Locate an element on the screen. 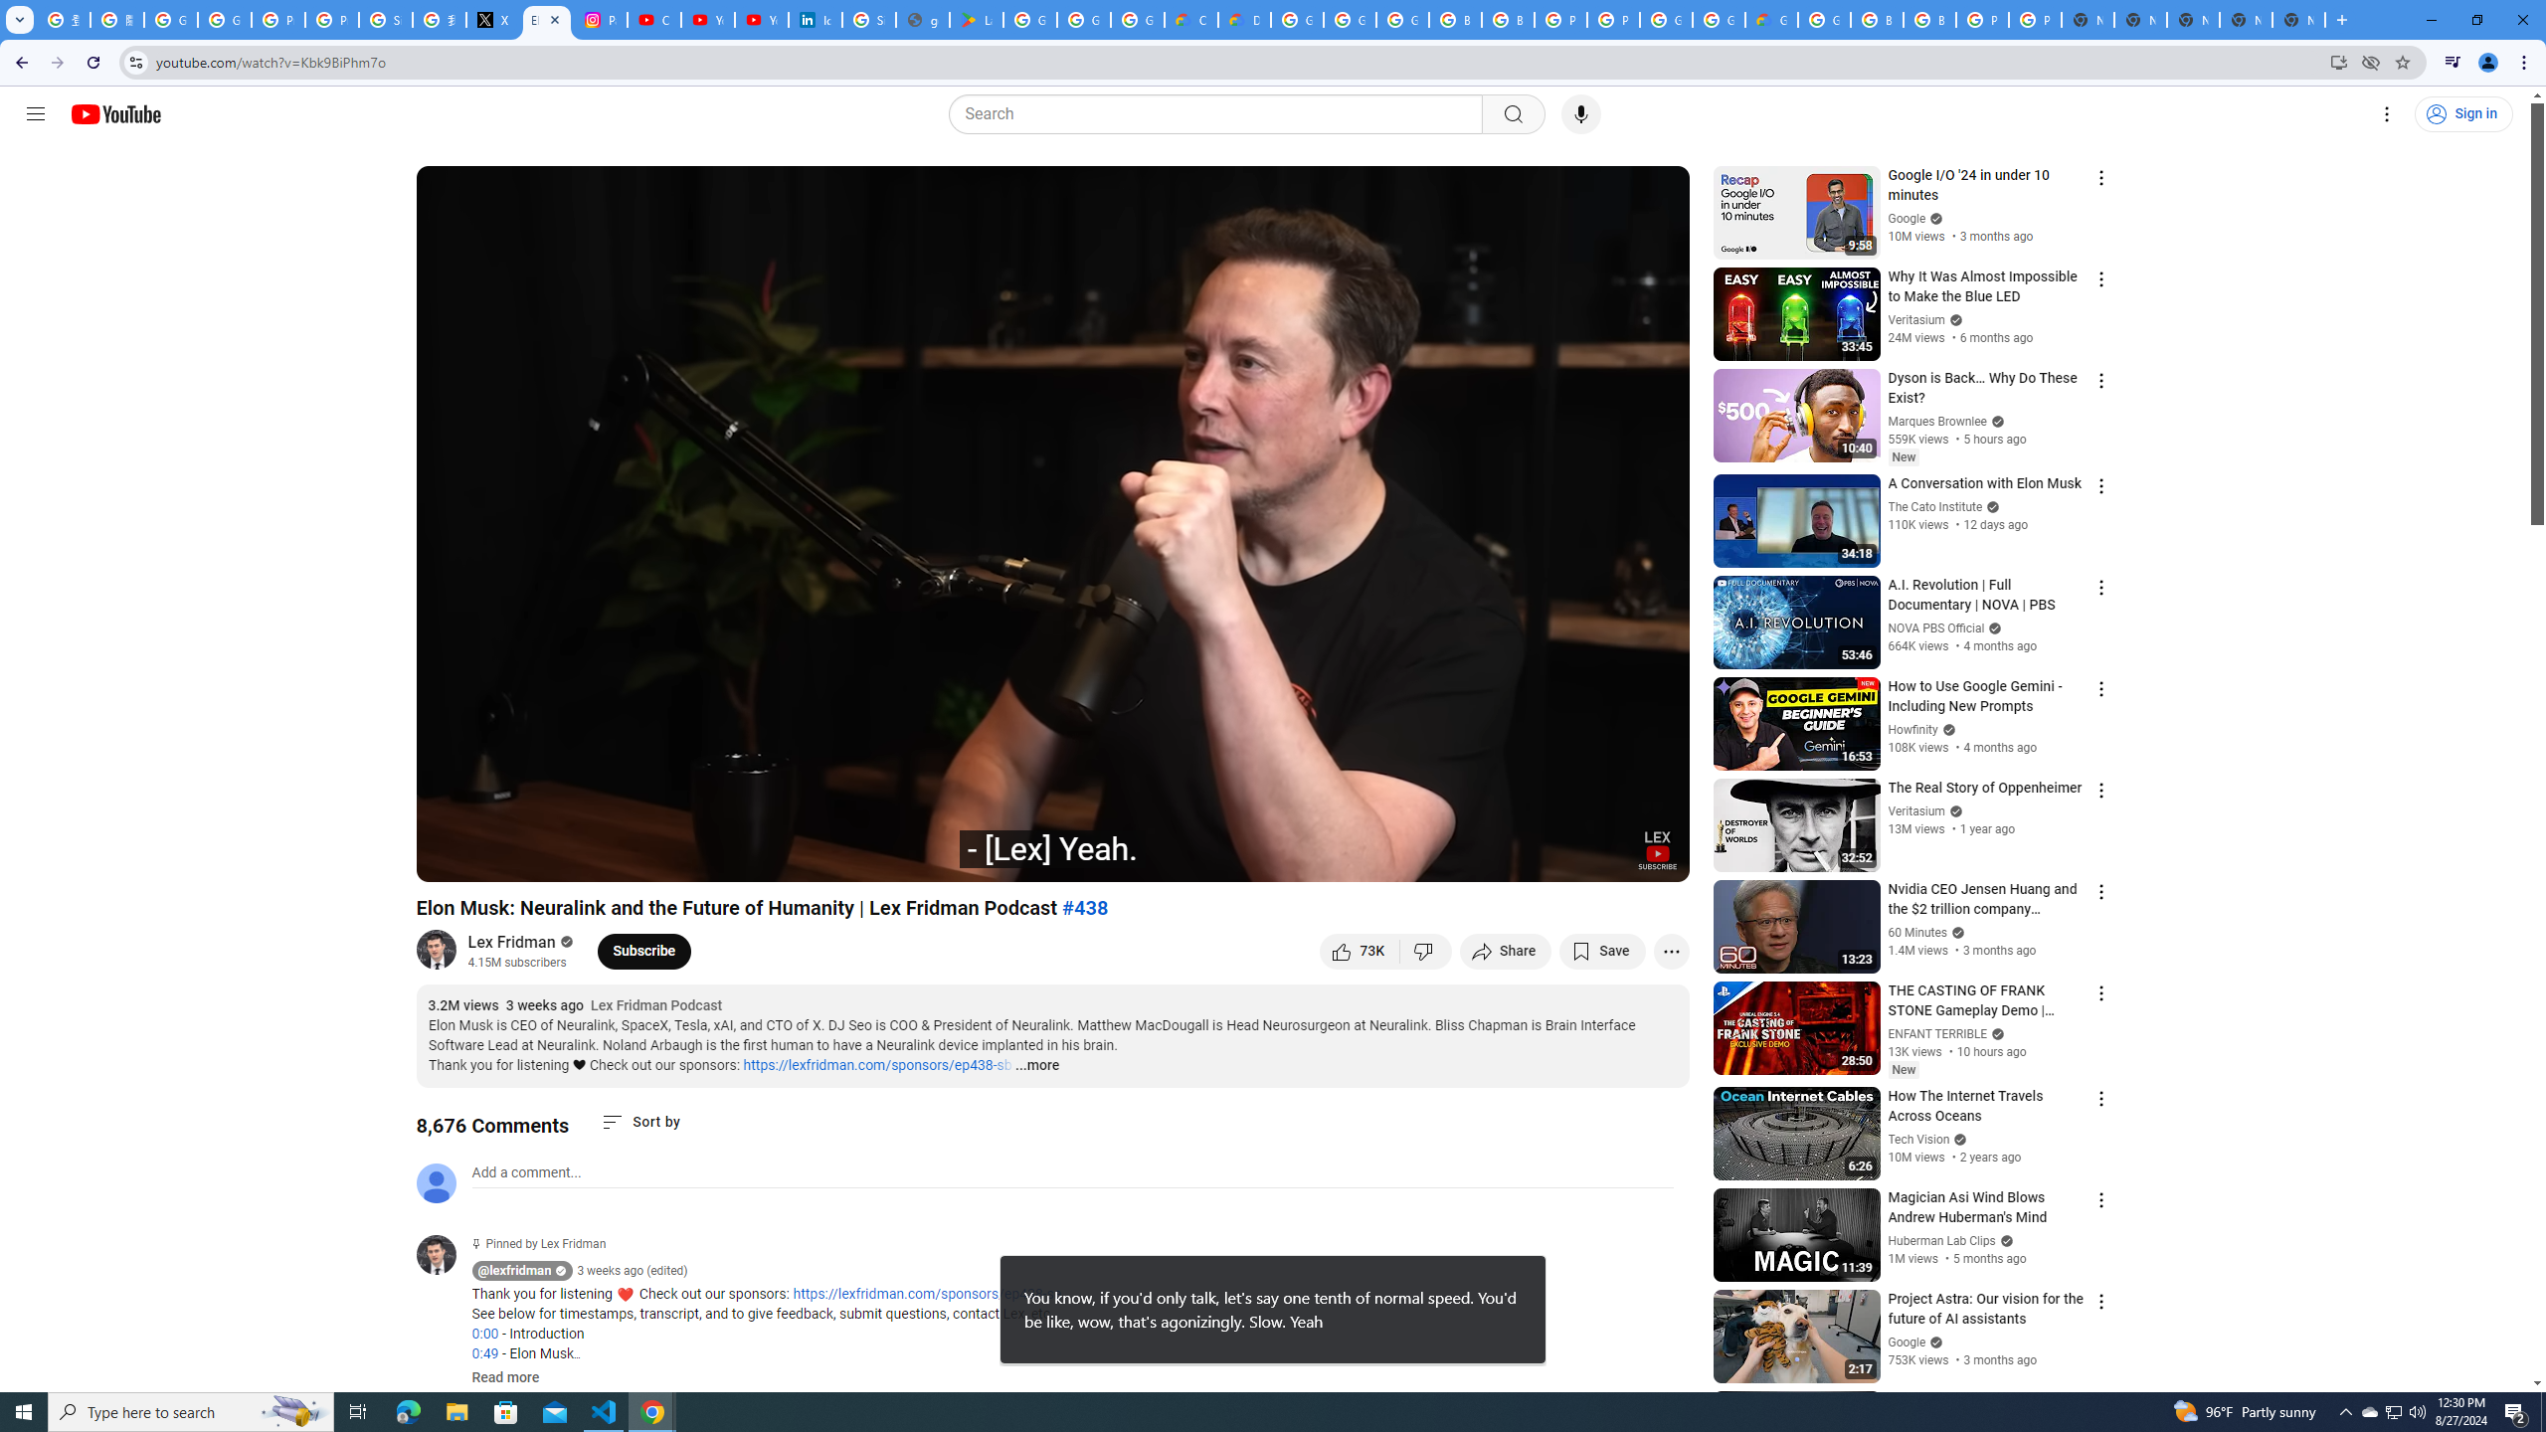 Image resolution: width=2546 pixels, height=1432 pixels. 'Browse Chrome as a guest - Computer - Google Chrome Help' is located at coordinates (1876, 19).